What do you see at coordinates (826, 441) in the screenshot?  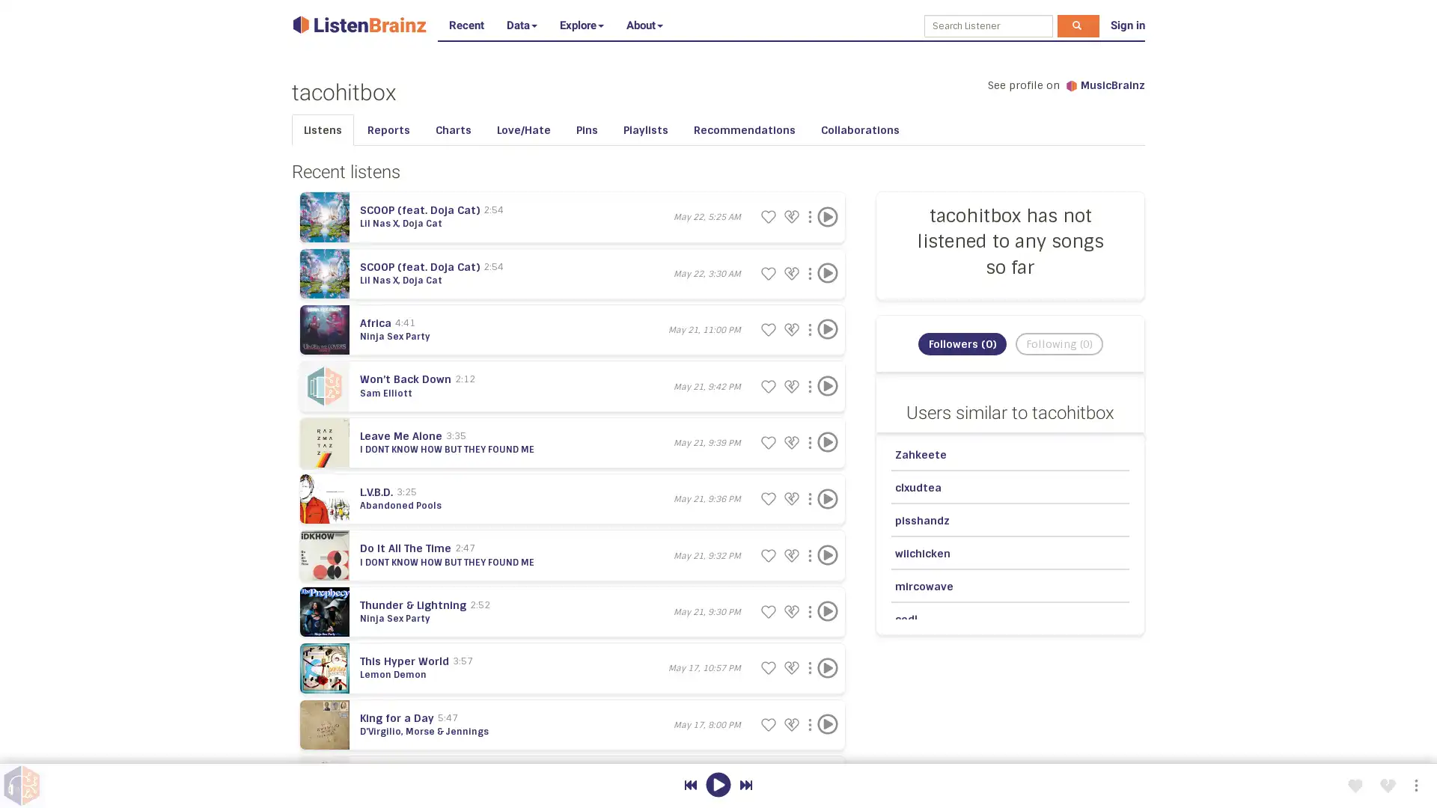 I see `Play` at bounding box center [826, 441].